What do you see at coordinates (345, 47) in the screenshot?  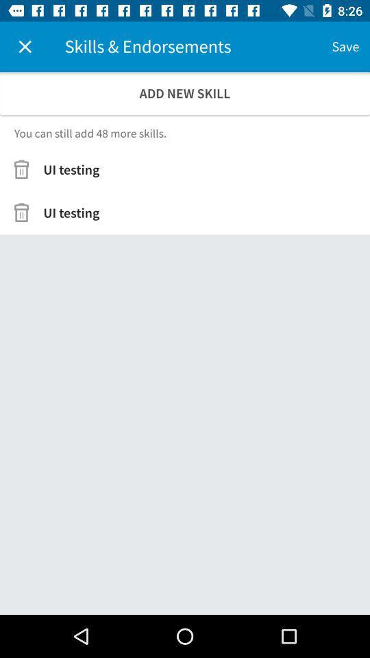 I see `save` at bounding box center [345, 47].